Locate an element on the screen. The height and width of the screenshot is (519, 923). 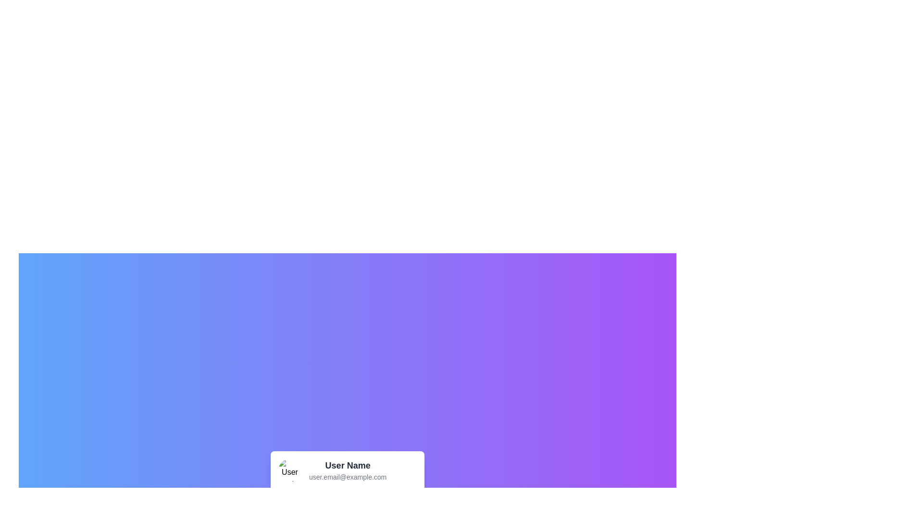
the text label displaying 'User Name', which is in bold and larger font, styled in dark gray, and located towards the bottom center of the interface above a smaller email text is located at coordinates (347, 465).